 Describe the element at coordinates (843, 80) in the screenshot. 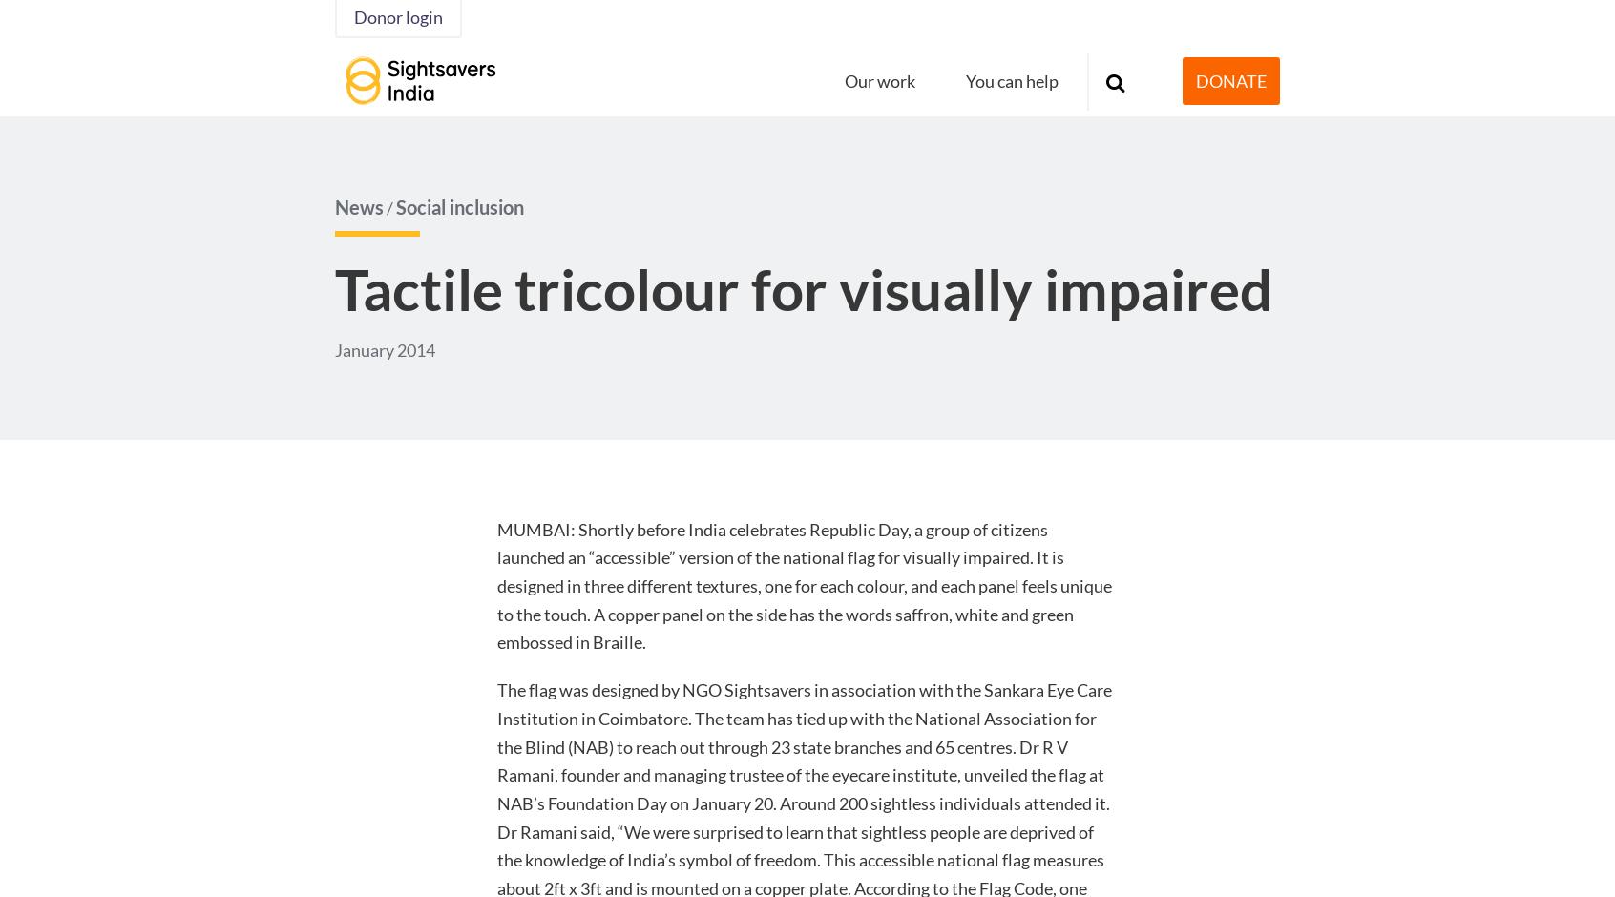

I see `'Our work'` at that location.